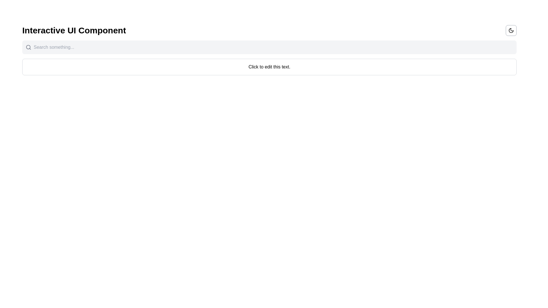  I want to click on the moon icon located, so click(511, 31).